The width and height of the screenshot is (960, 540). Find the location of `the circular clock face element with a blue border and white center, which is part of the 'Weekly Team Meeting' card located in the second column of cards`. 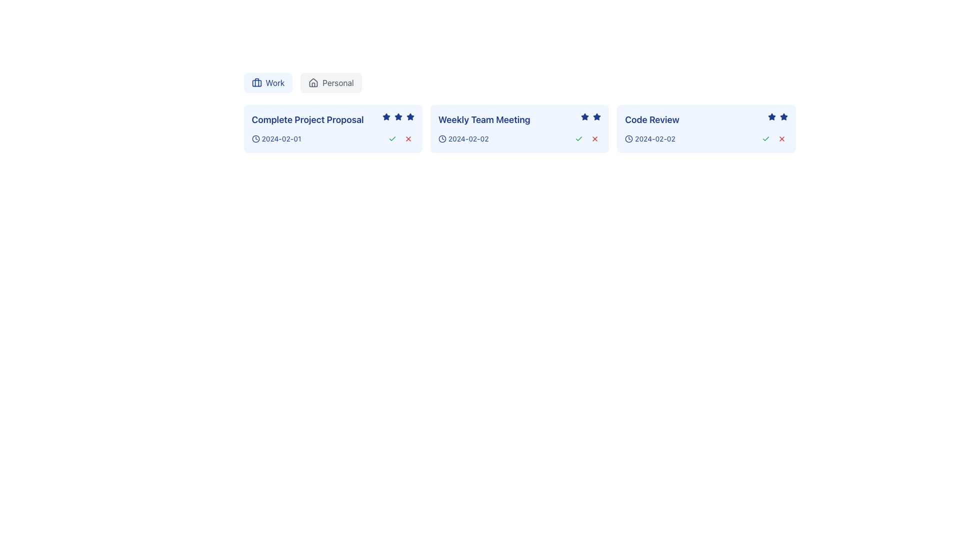

the circular clock face element with a blue border and white center, which is part of the 'Weekly Team Meeting' card located in the second column of cards is located at coordinates (441, 138).